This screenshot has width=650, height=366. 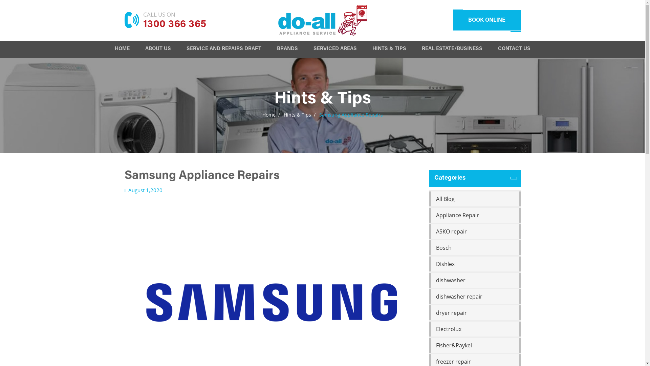 I want to click on 'REAL ESTATE/BUSINESS', so click(x=452, y=49).